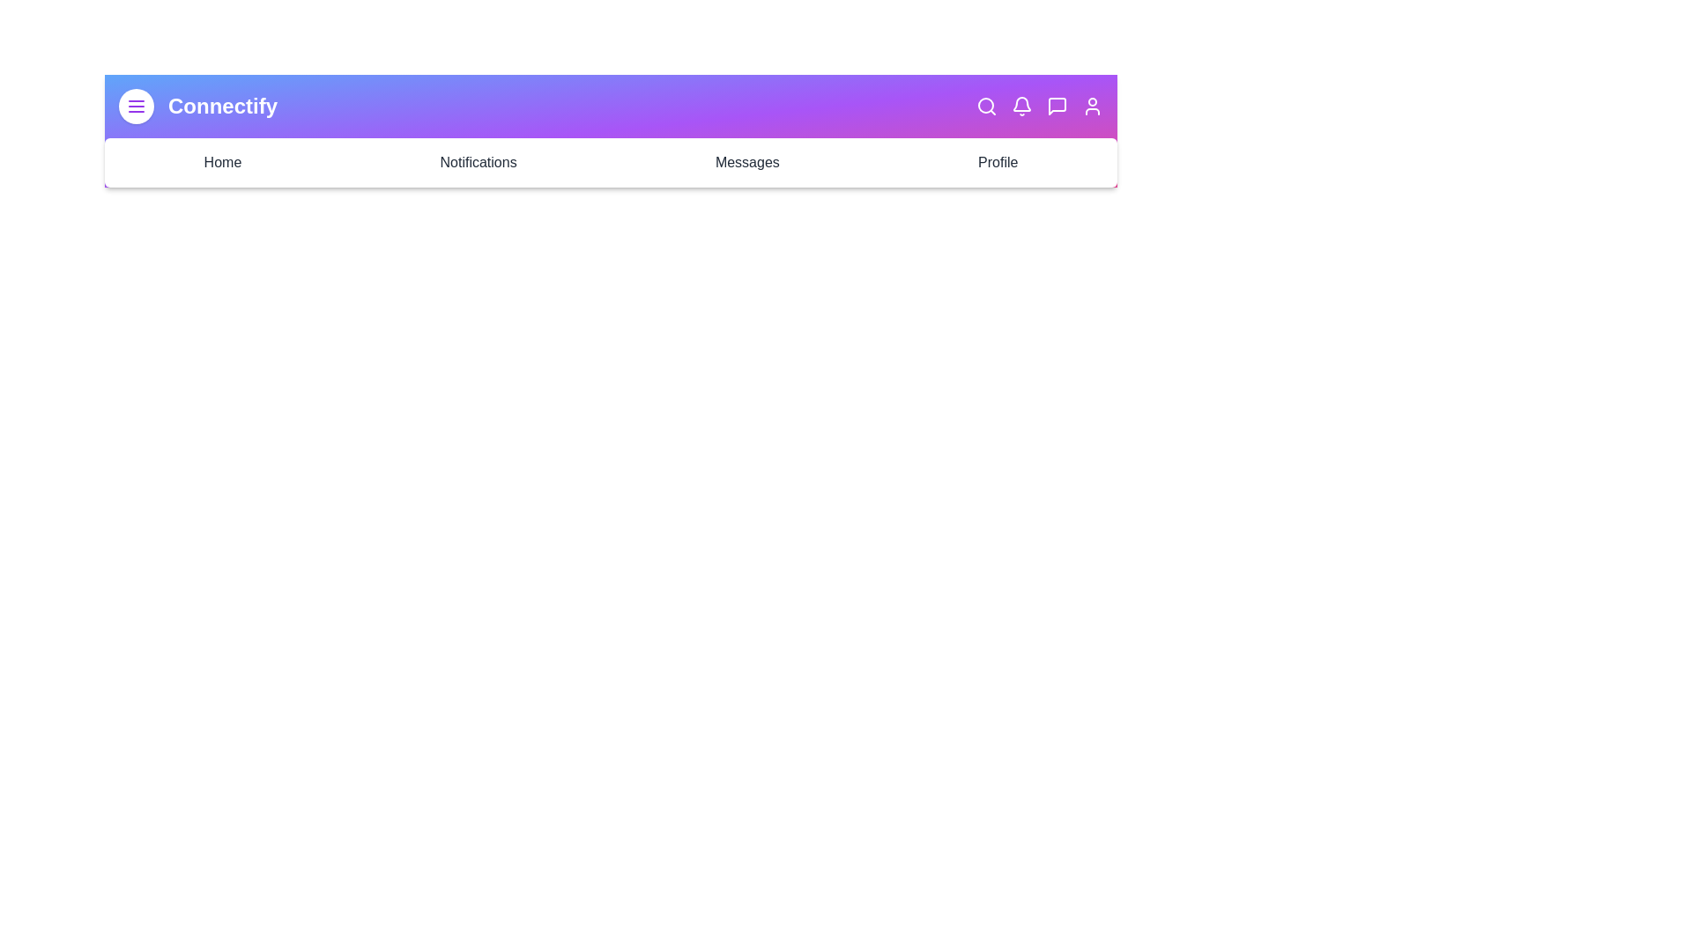  Describe the element at coordinates (221, 163) in the screenshot. I see `the menu item labeled Home to navigate to the corresponding section` at that location.